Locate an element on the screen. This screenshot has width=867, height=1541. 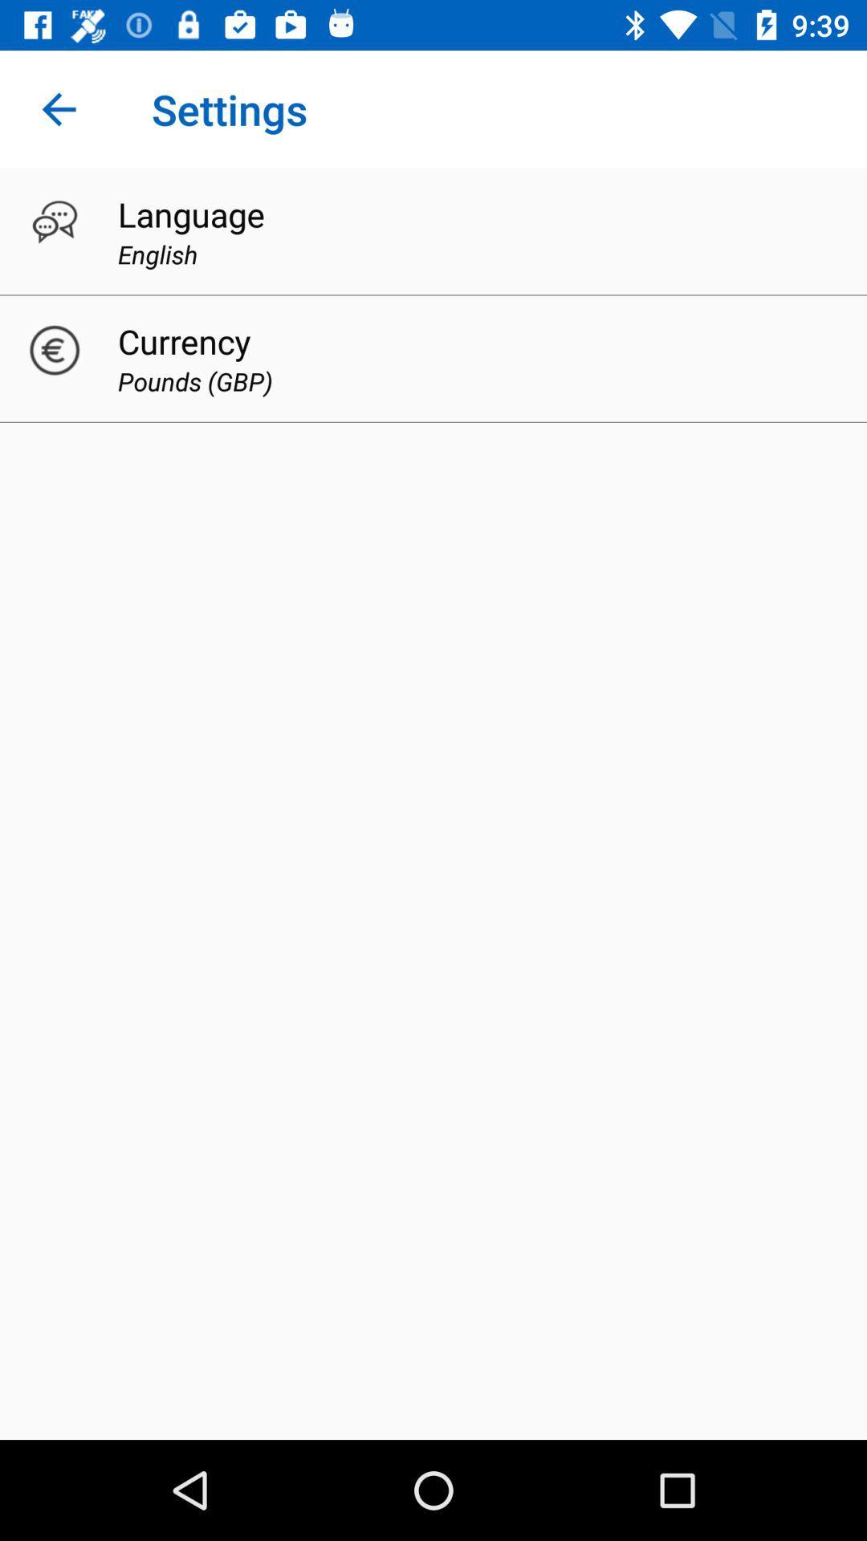
the language icon is located at coordinates (190, 213).